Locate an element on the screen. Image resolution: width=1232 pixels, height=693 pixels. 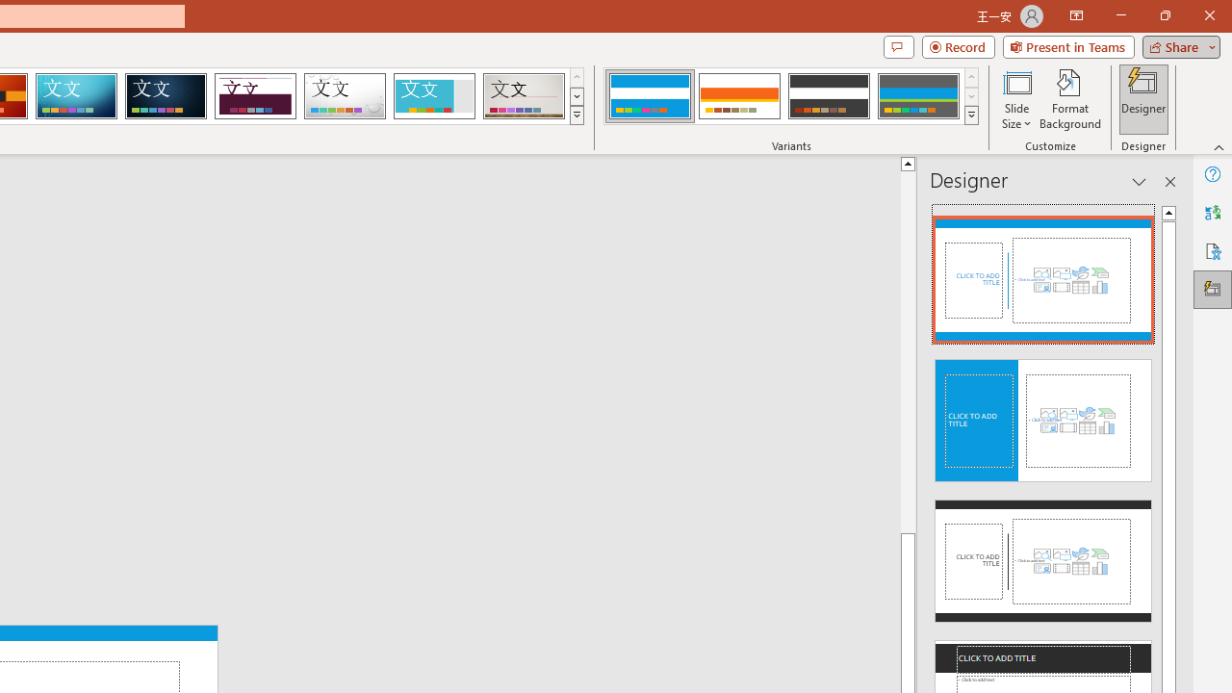
'Format Background' is located at coordinates (1069, 99).